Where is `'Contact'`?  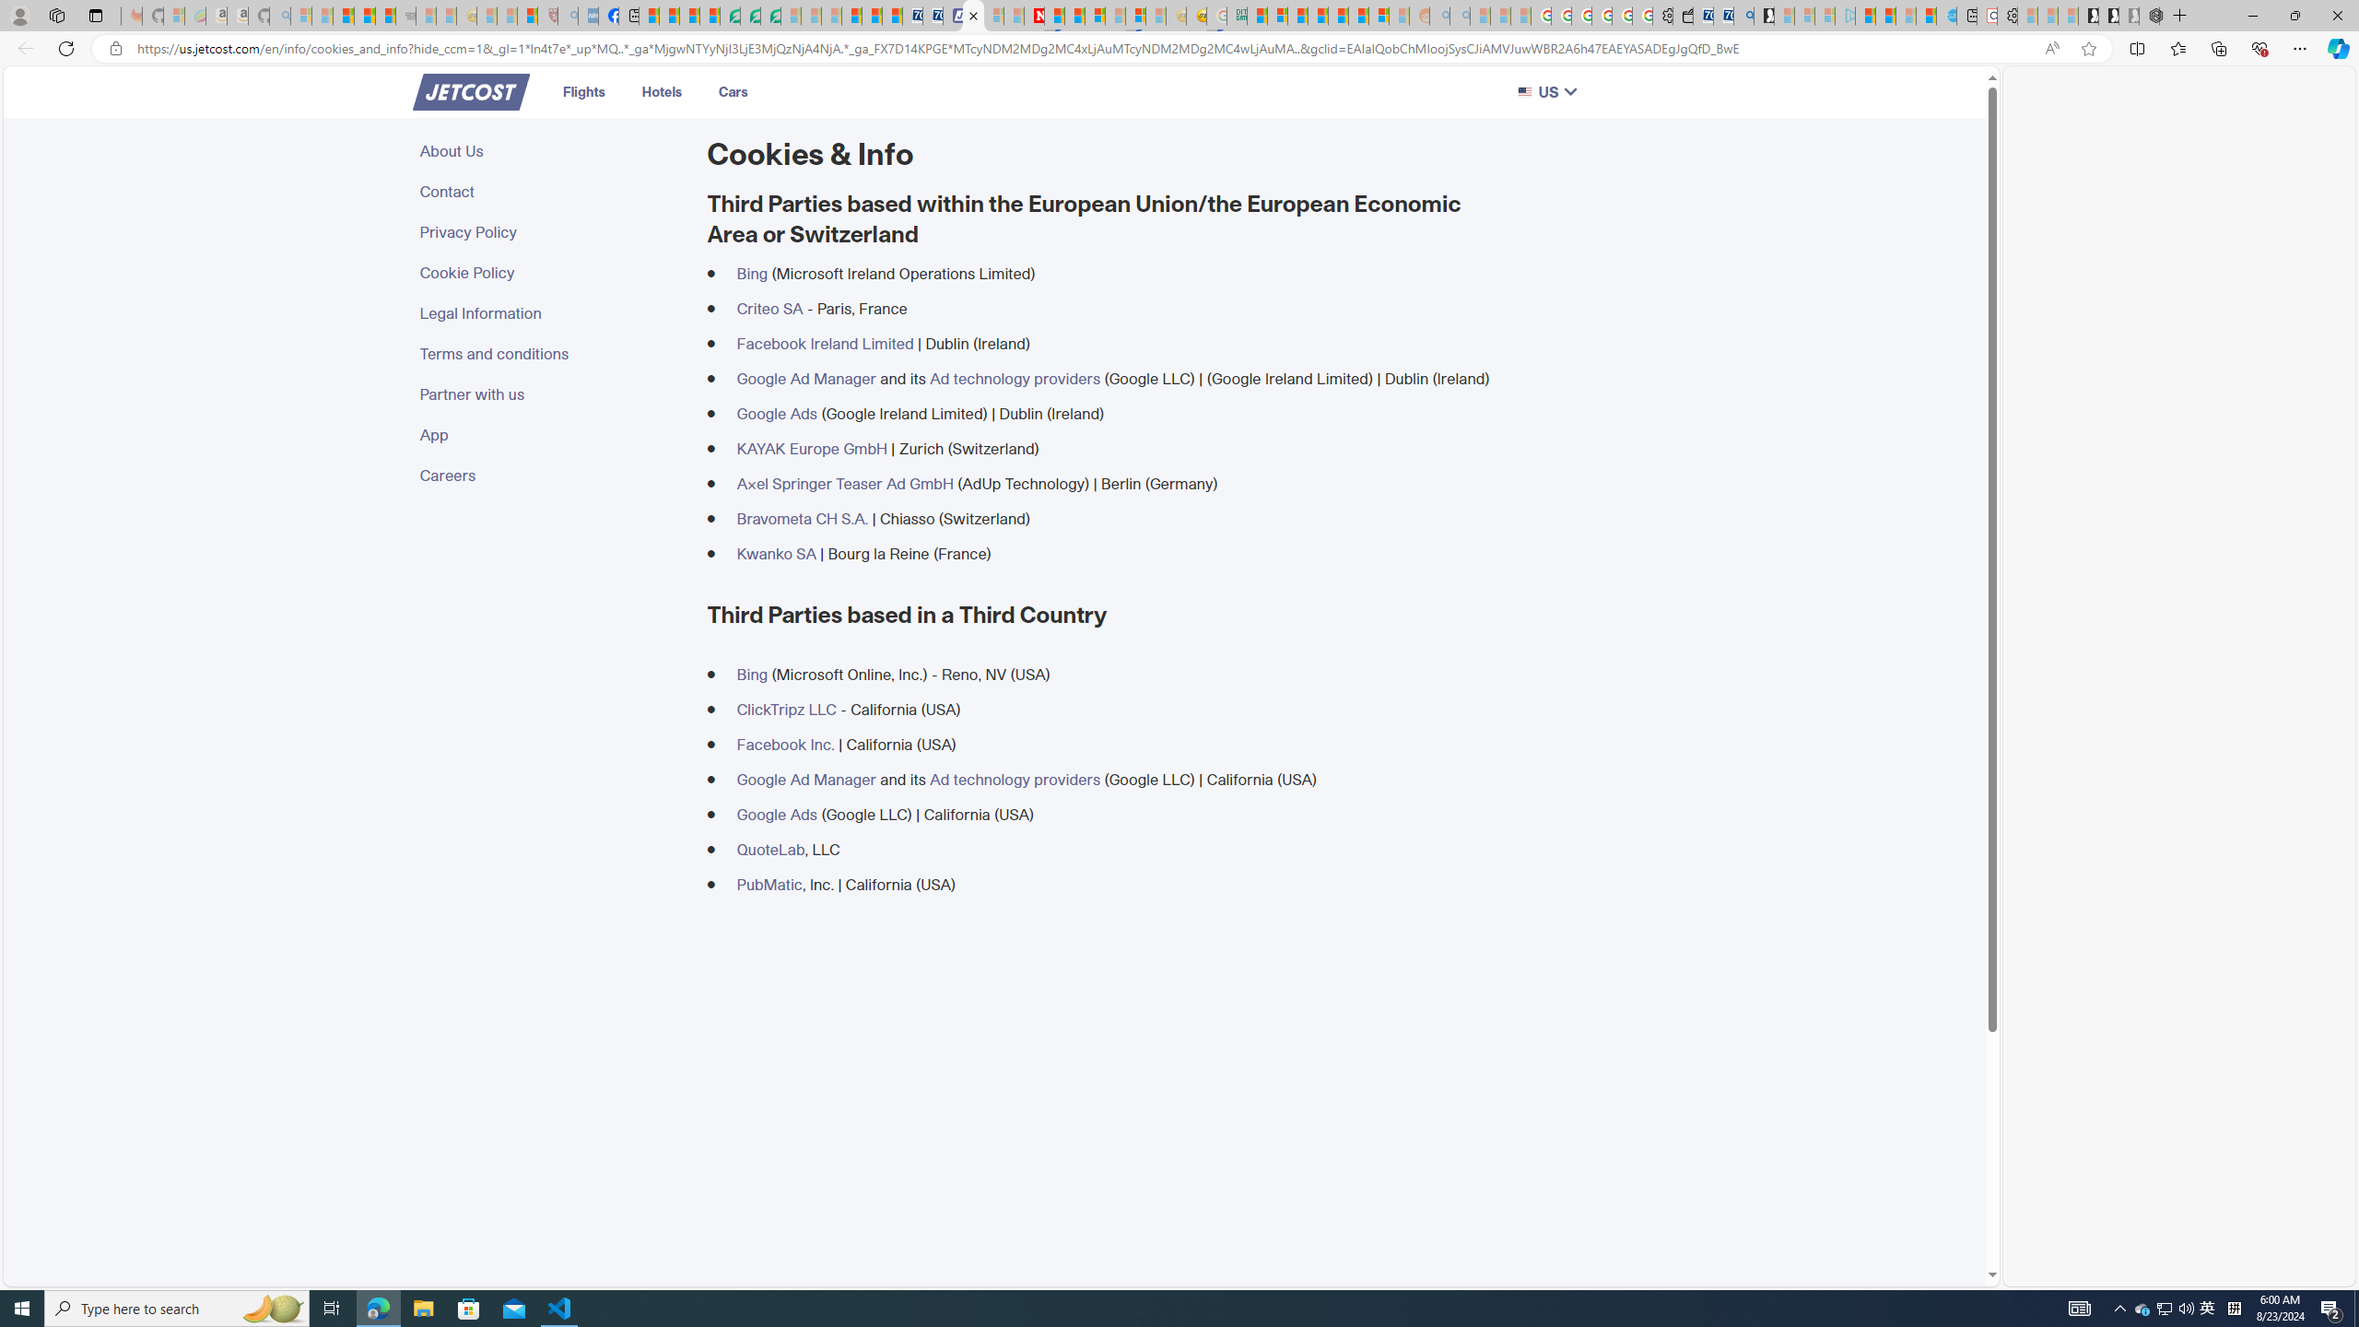 'Contact' is located at coordinates (552, 191).